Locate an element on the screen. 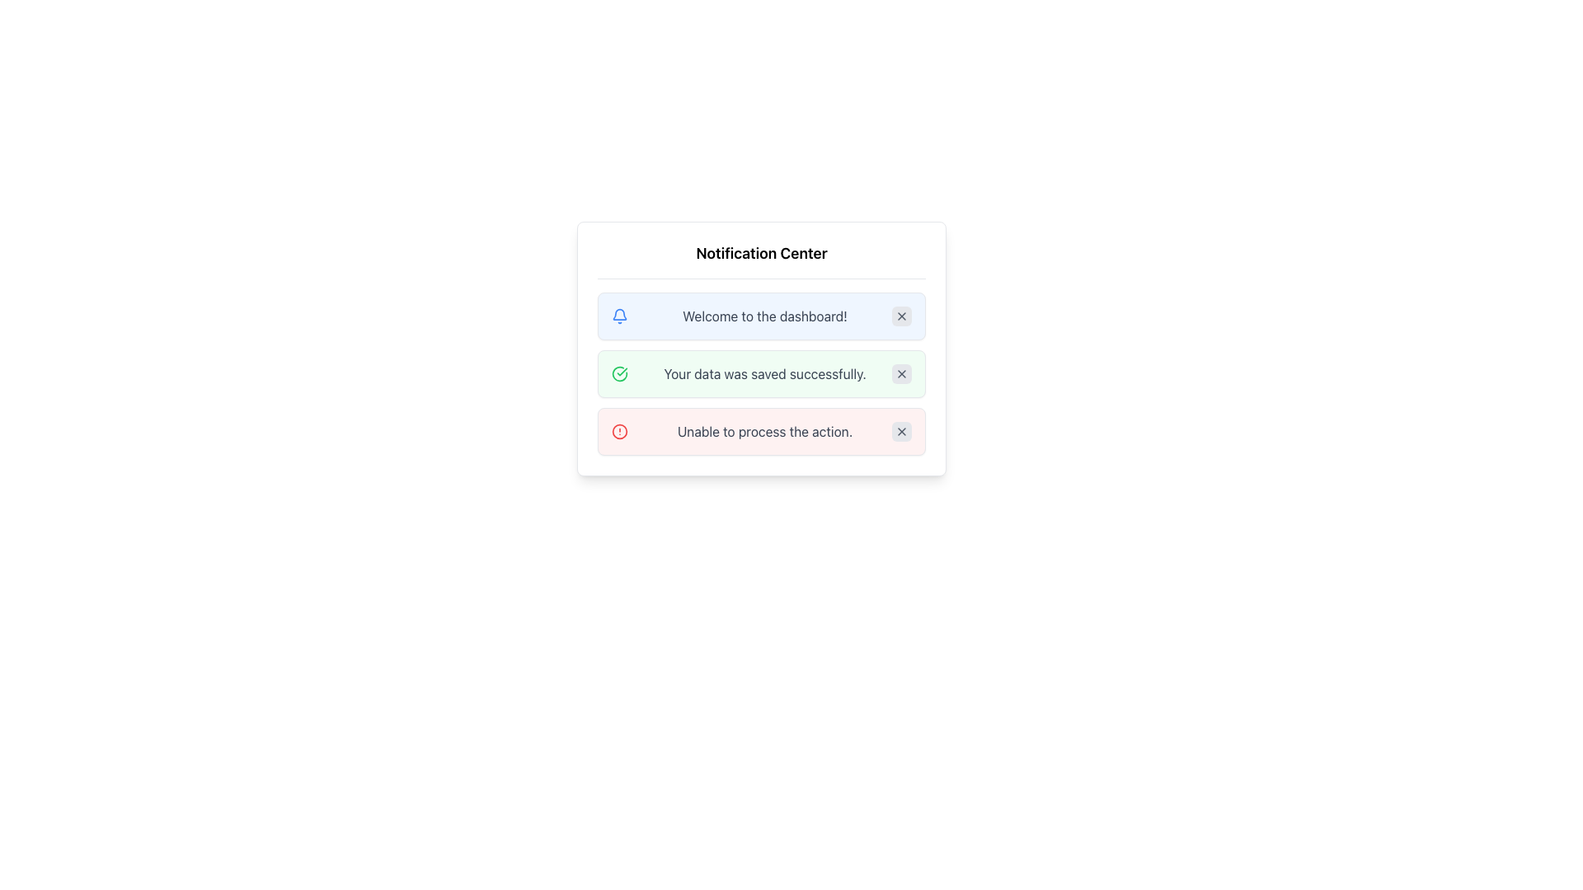 This screenshot has height=890, width=1583. the Decorative SVG Circle that is part of the alert icon in the third notification entry of the 'Notification Center', located to the left of the text 'Unable to process the action.' is located at coordinates (619, 431).